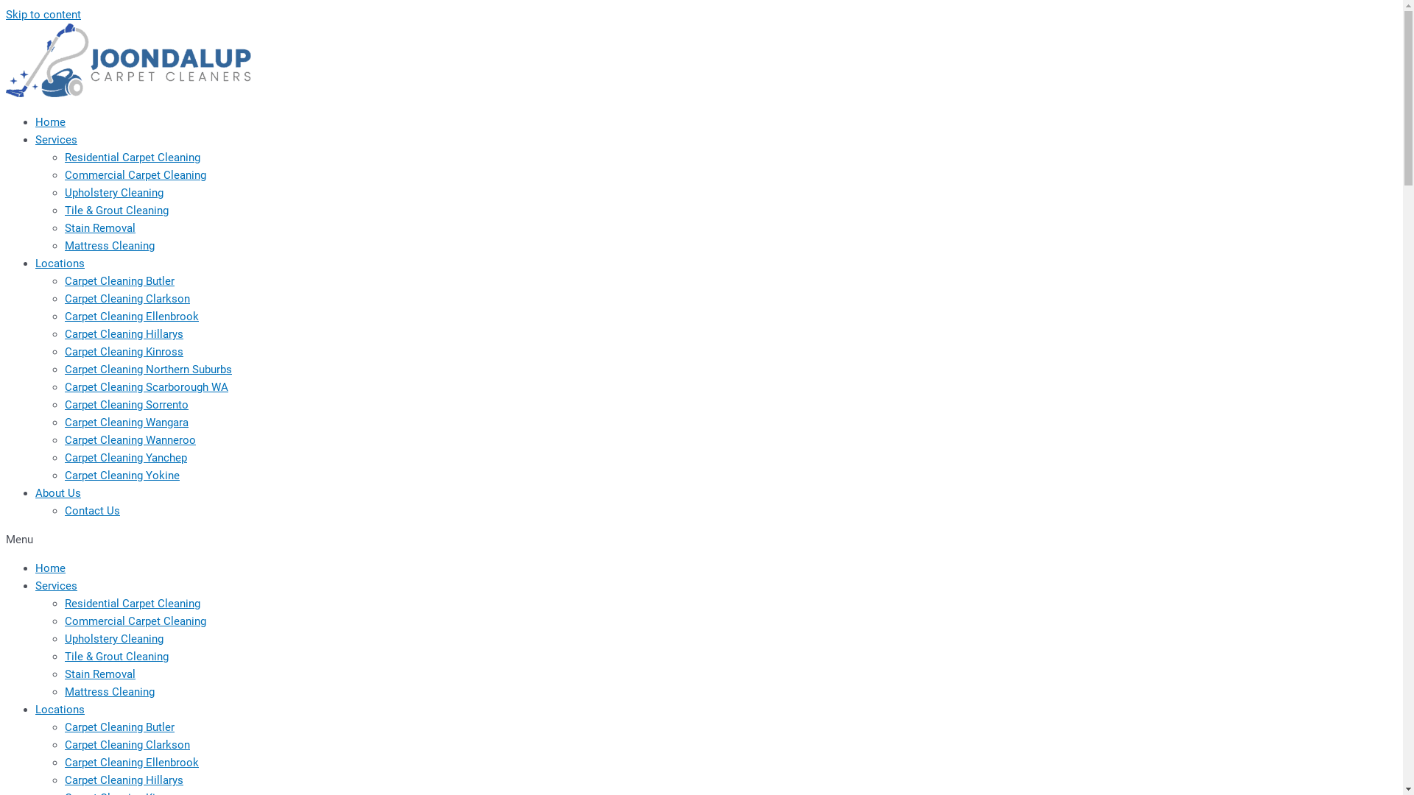 The image size is (1414, 795). I want to click on 'Residential Carpet Cleaning', so click(133, 157).